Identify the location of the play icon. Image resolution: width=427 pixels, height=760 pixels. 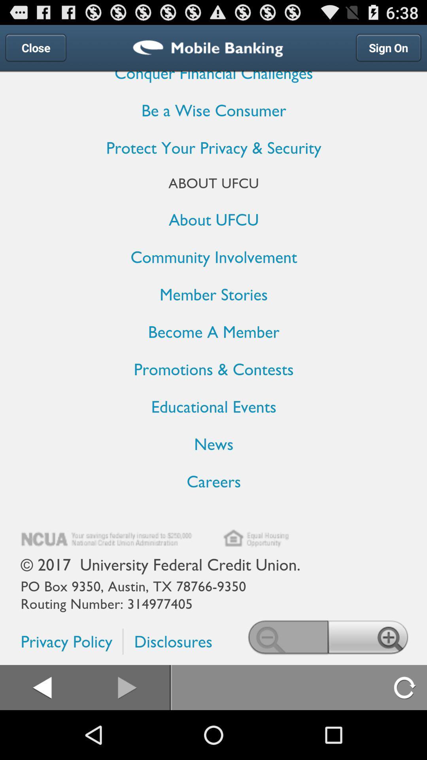
(127, 735).